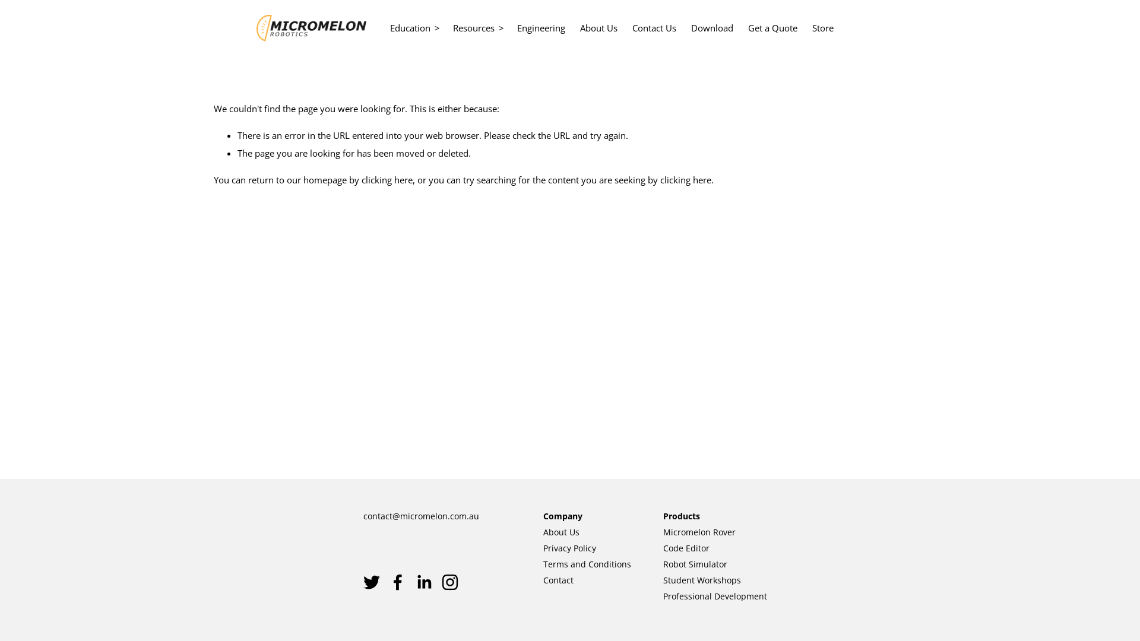  I want to click on 'Code Editor', so click(686, 548).